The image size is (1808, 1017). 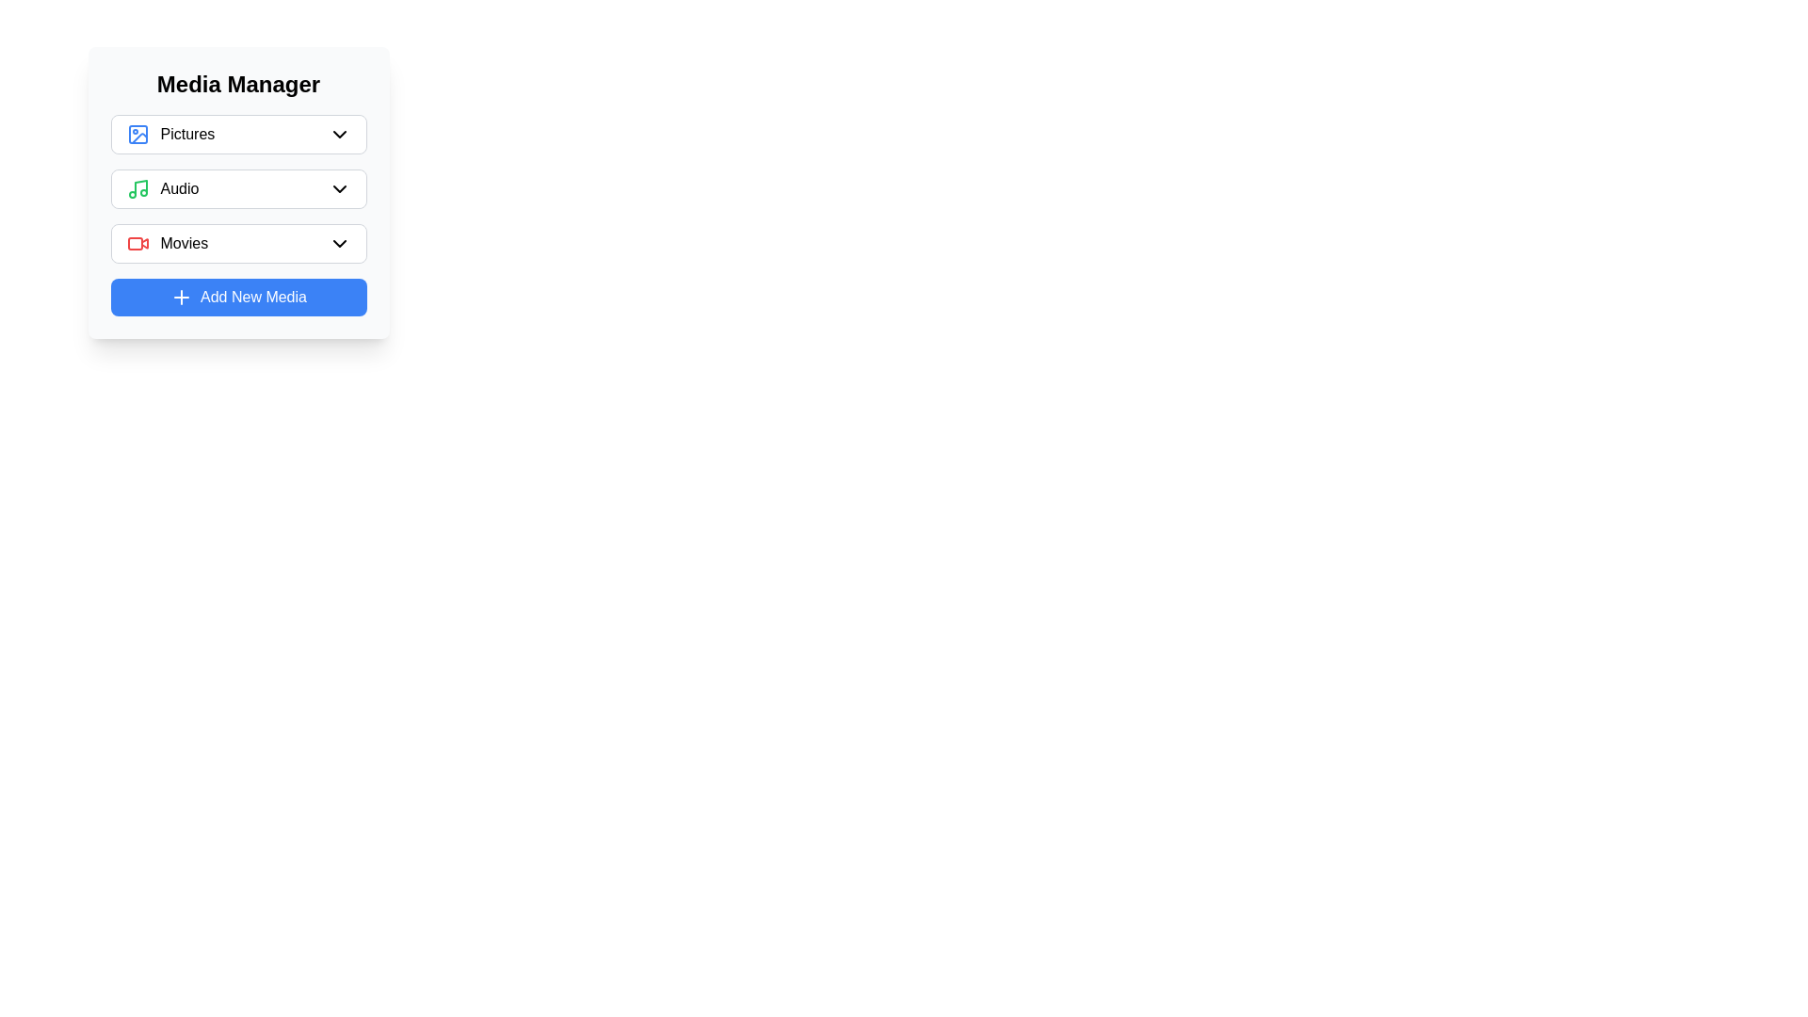 What do you see at coordinates (187, 133) in the screenshot?
I see `the static text label indicating 'Pictures' in the Media Manager interface, located to the right of the blue picture icon` at bounding box center [187, 133].